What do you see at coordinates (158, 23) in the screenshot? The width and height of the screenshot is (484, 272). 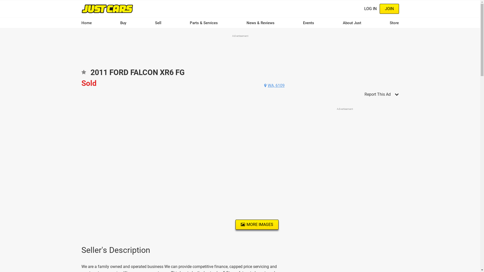 I see `'Sell'` at bounding box center [158, 23].